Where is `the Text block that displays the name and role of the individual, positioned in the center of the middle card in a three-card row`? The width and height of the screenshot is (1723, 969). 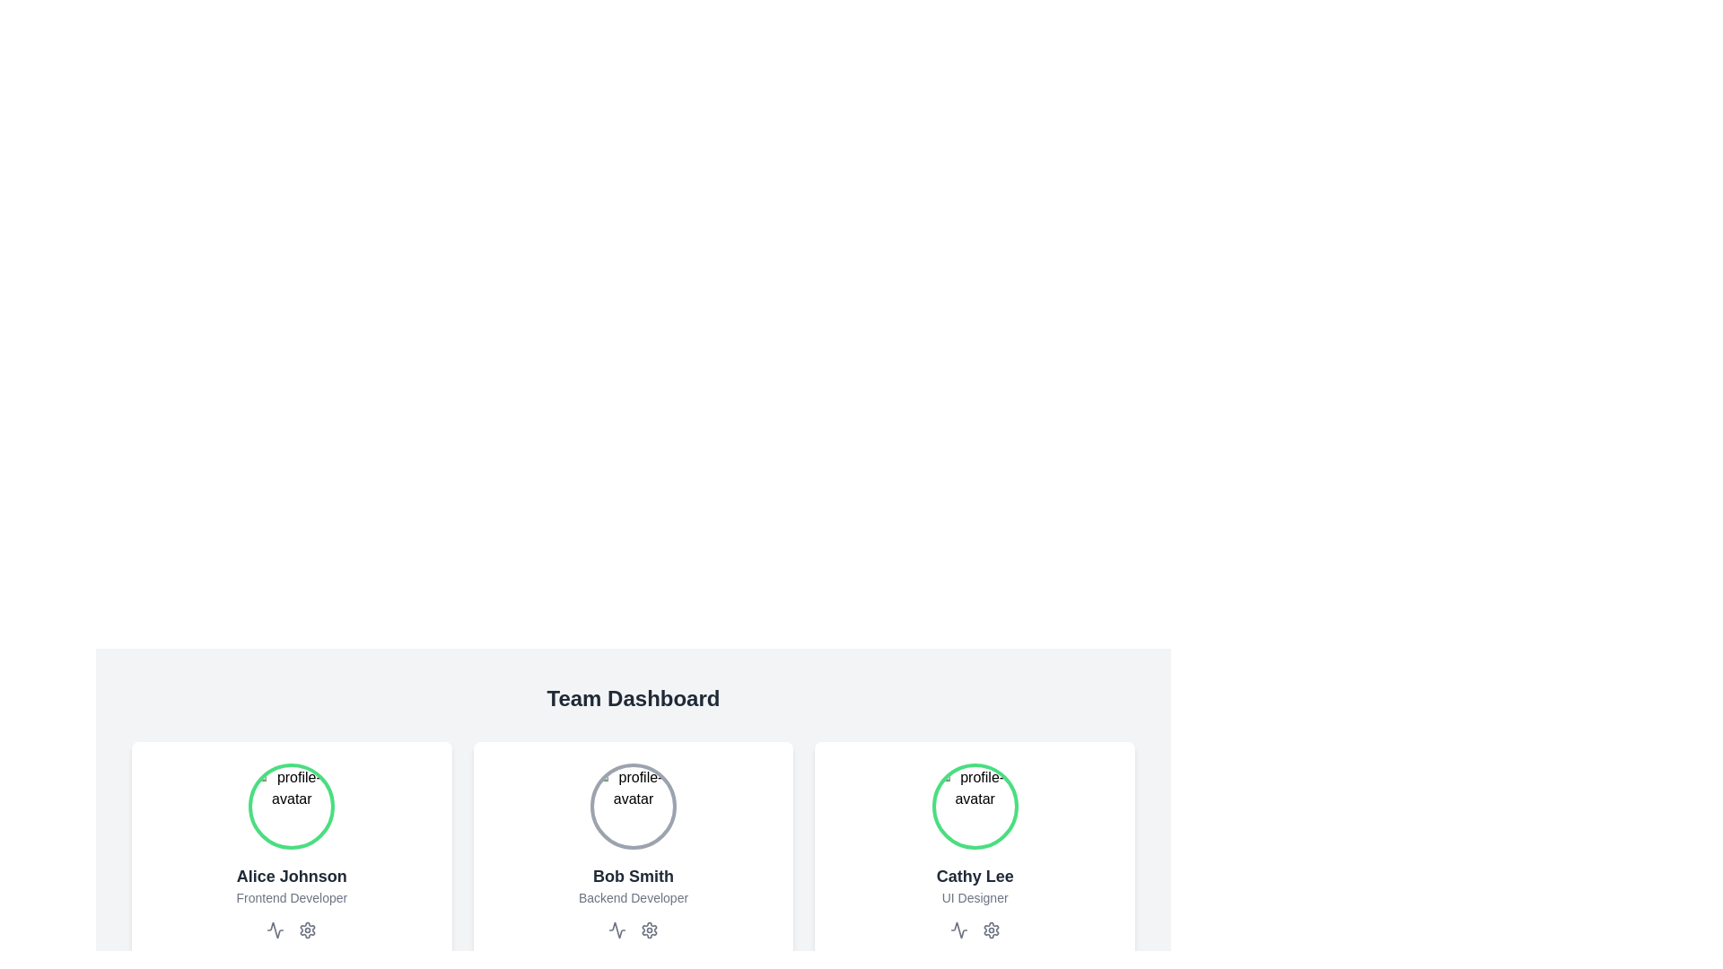 the Text block that displays the name and role of the individual, positioned in the center of the middle card in a three-card row is located at coordinates (633, 885).